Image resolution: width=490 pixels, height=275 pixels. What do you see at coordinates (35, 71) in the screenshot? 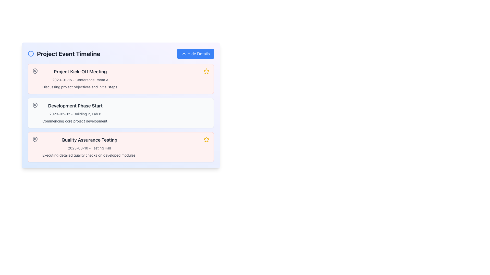
I see `the location pin icon, which is a circular shape with a pointed base, styled in gray and located in the upper-left area of the 'Project Kick-Off Meeting' card within the 'Project Event Timeline' section` at bounding box center [35, 71].